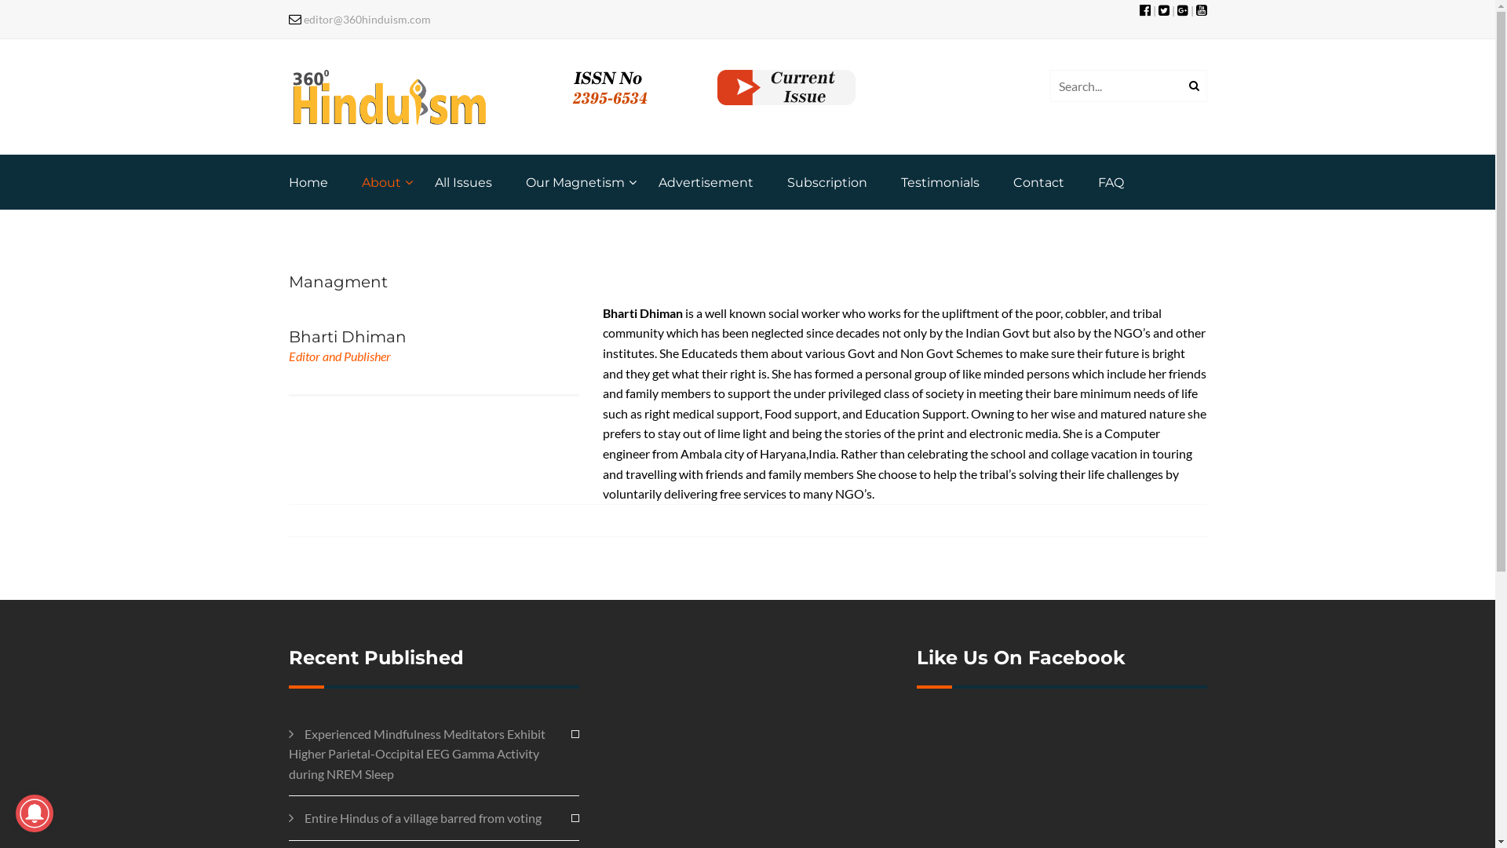 The image size is (1507, 848). Describe the element at coordinates (704, 181) in the screenshot. I see `'Advertisement'` at that location.